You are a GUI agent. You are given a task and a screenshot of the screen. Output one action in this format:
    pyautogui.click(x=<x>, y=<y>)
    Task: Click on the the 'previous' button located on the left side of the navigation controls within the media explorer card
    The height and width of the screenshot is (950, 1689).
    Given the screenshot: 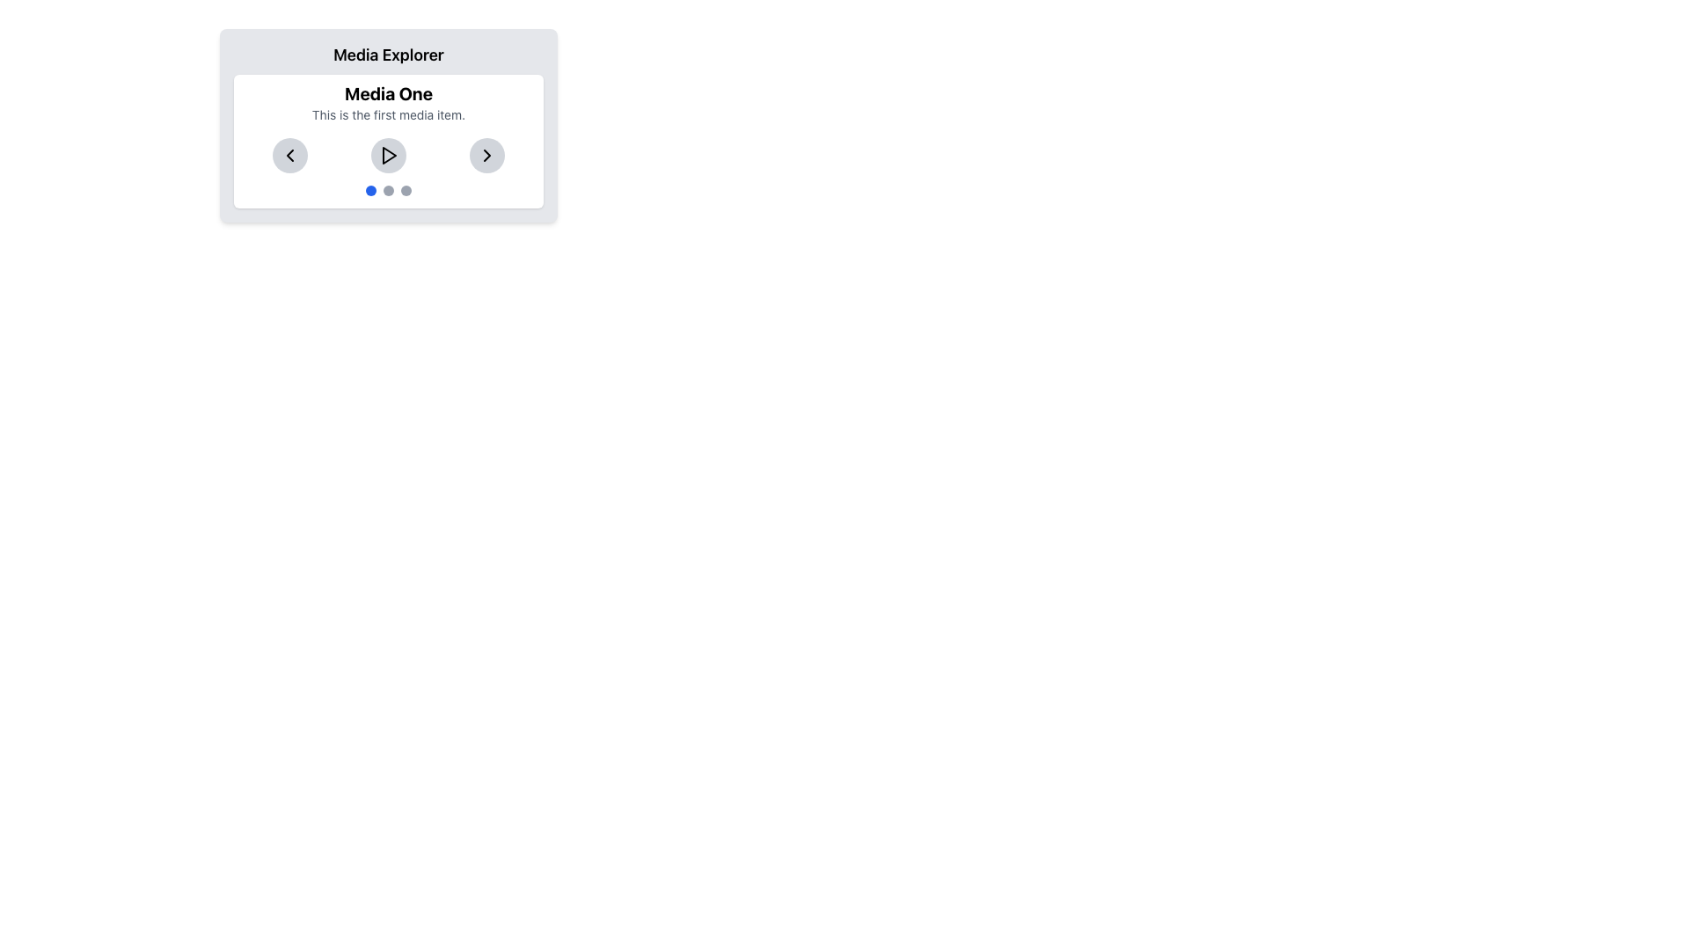 What is the action you would take?
    pyautogui.click(x=290, y=155)
    